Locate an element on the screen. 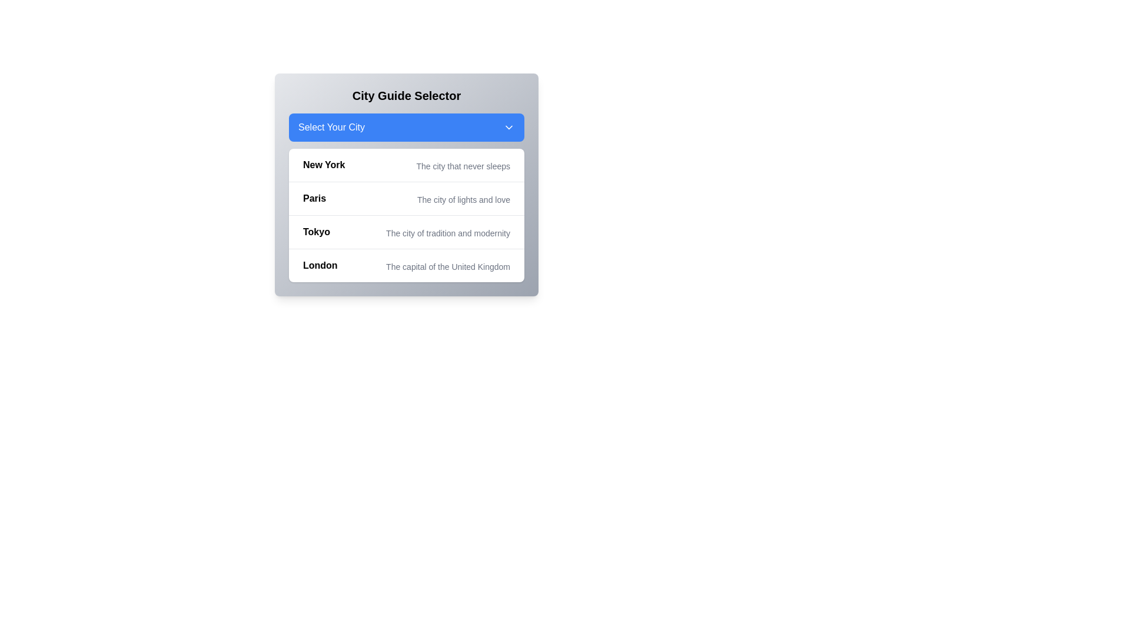 This screenshot has height=635, width=1130. the first list item in the selection modal labeled 'New York' is located at coordinates (407, 165).